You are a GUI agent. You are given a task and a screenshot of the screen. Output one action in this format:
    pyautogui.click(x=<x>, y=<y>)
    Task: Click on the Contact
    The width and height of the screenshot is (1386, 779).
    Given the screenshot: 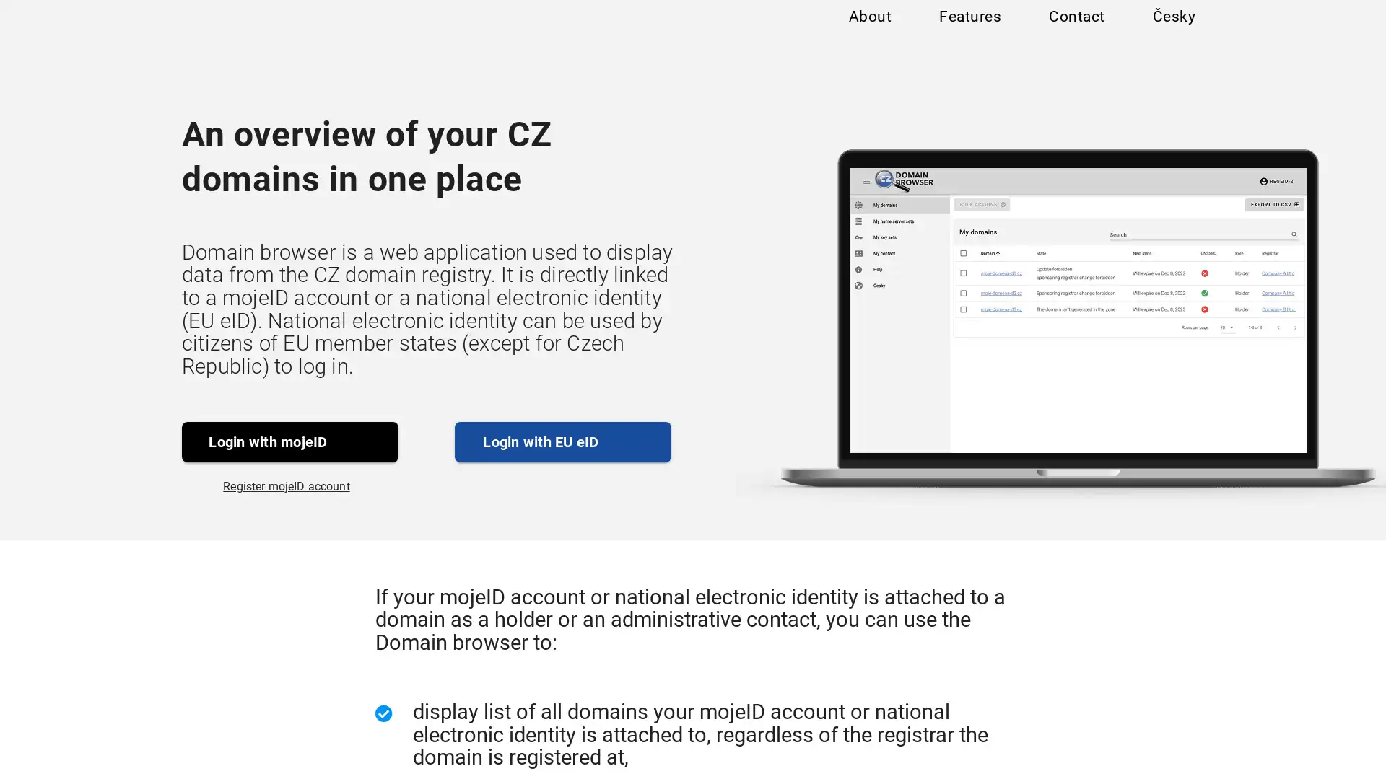 What is the action you would take?
    pyautogui.click(x=1076, y=30)
    